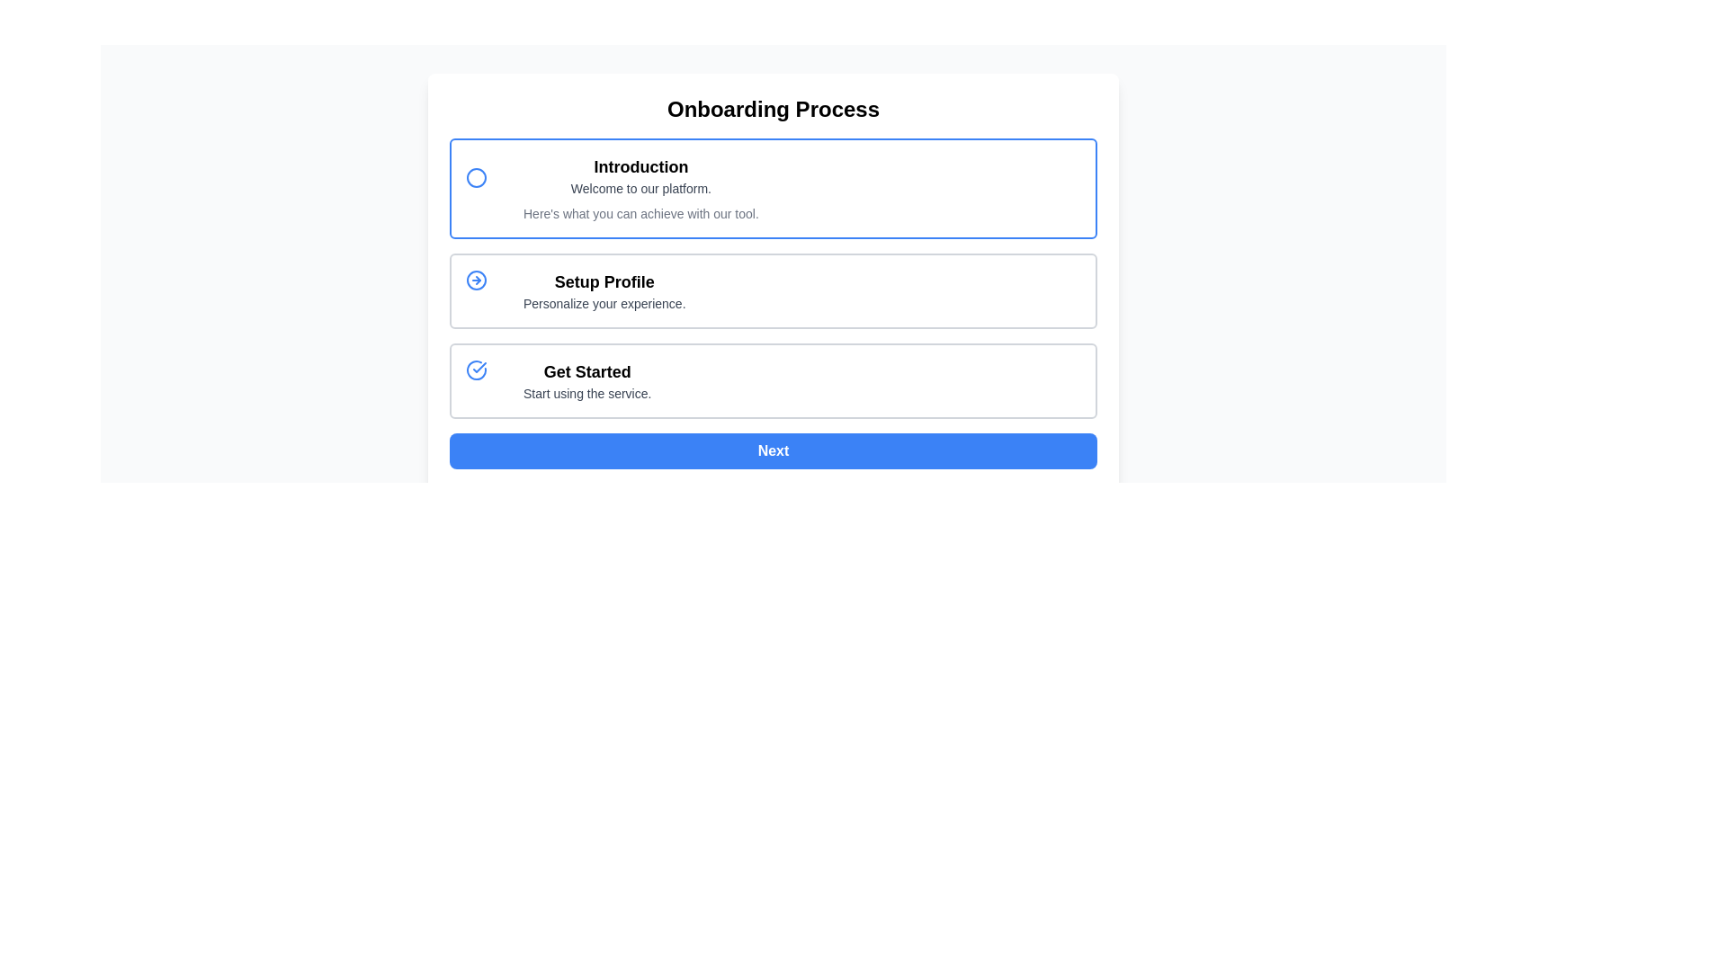 The image size is (1727, 971). Describe the element at coordinates (604, 281) in the screenshot. I see `text of the section title under 'Setup Profile' which introduces the purpose of the section` at that location.